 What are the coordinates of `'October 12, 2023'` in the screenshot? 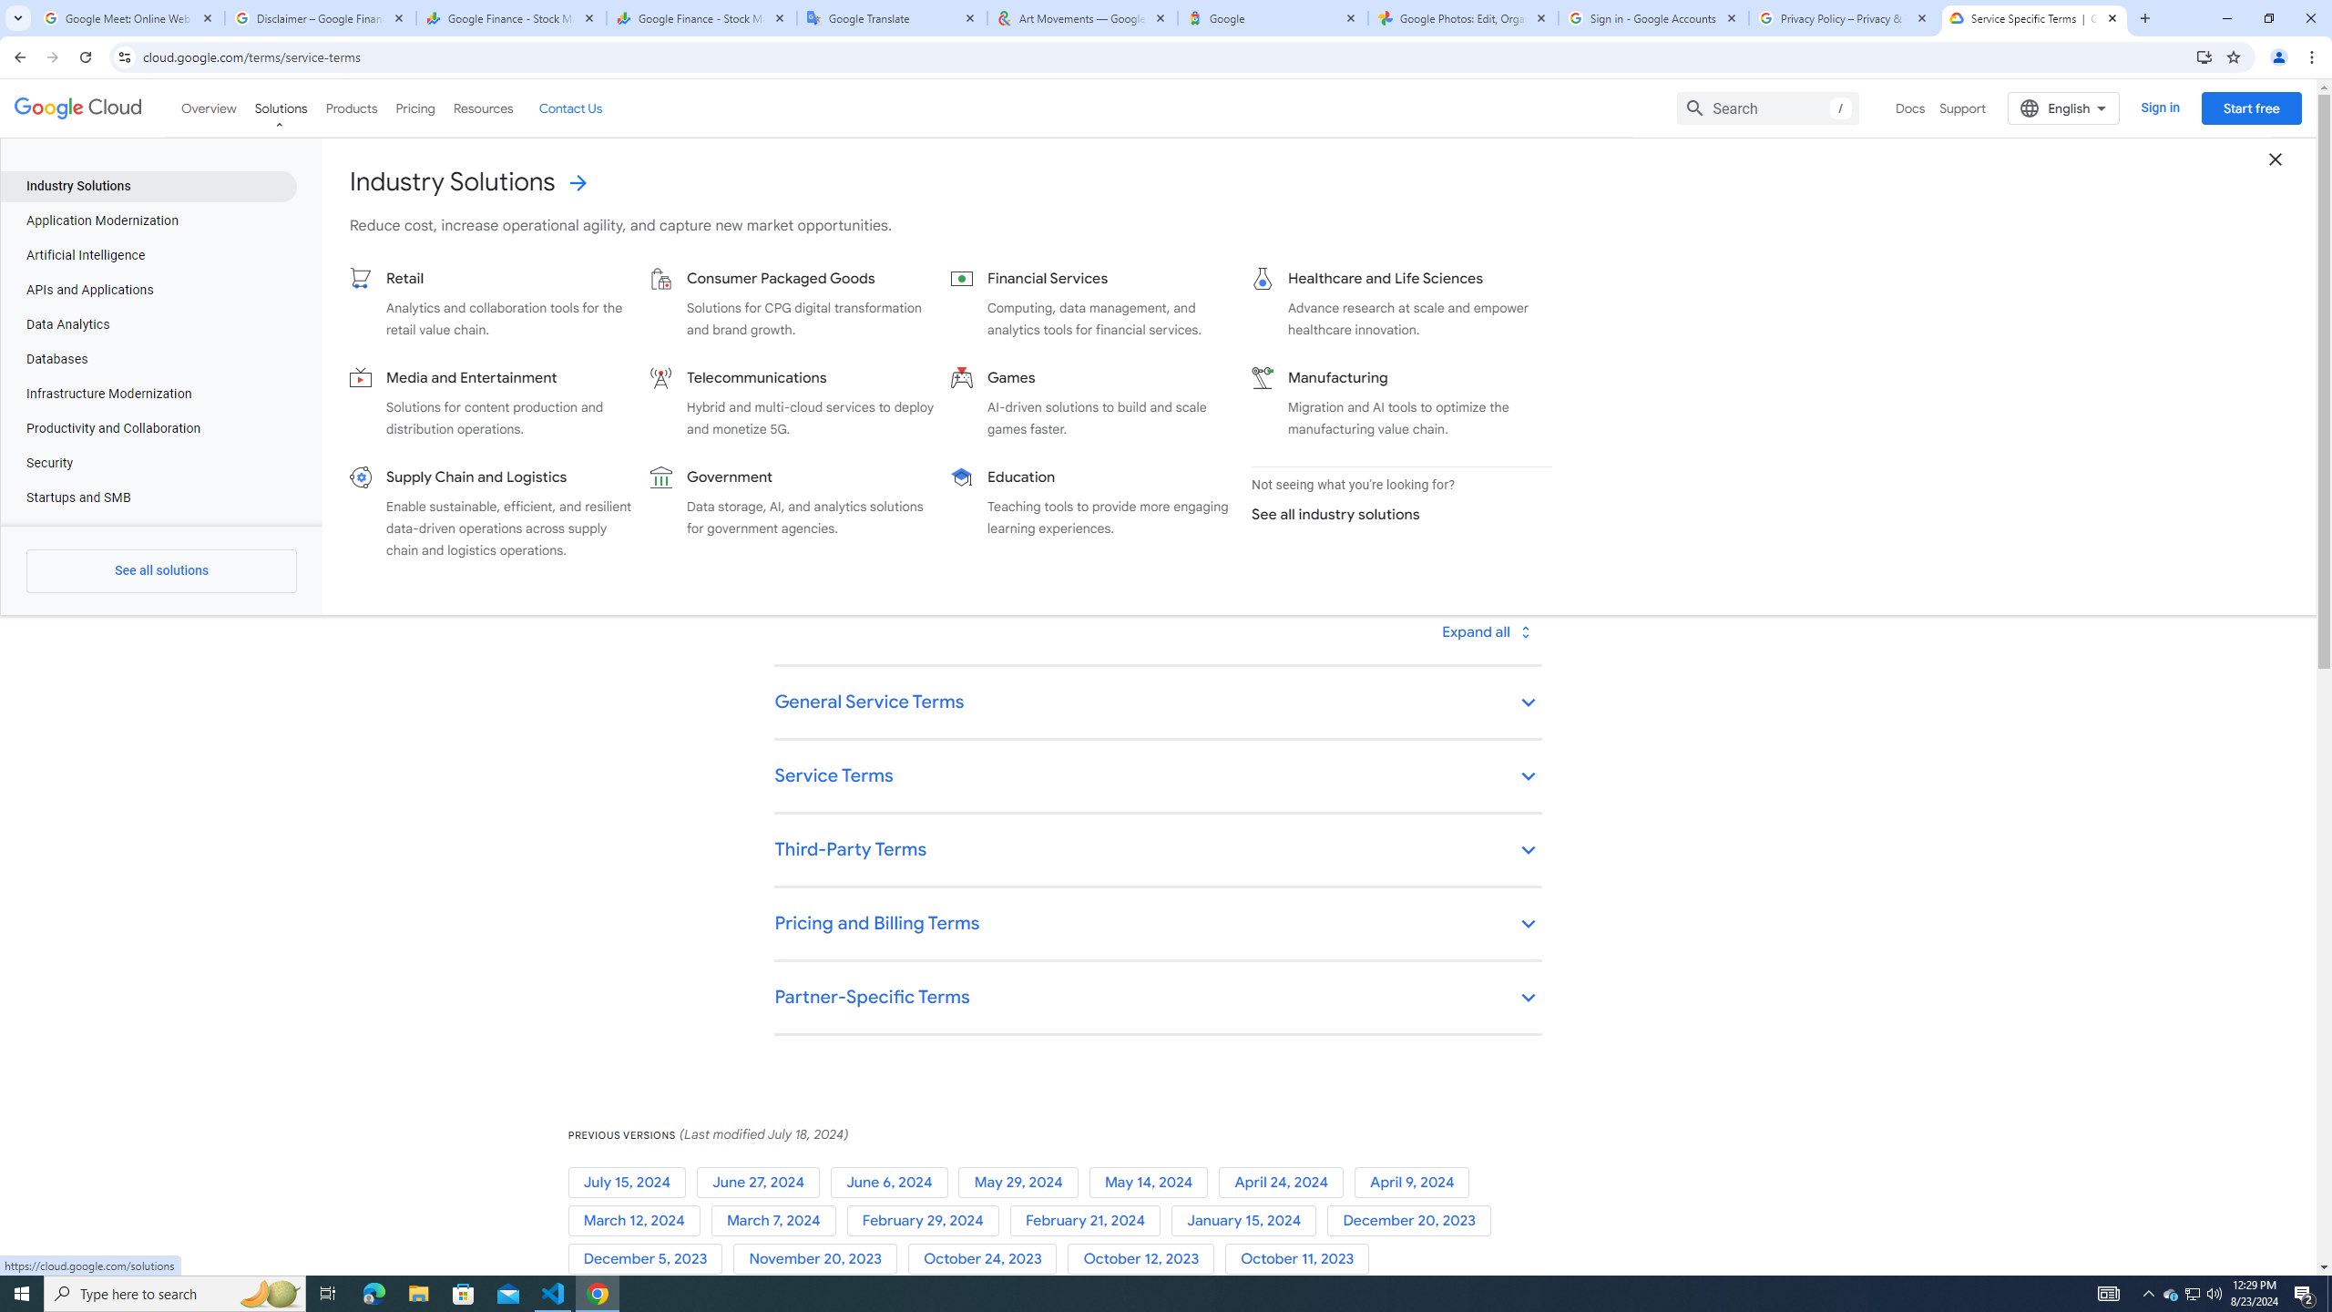 It's located at (1145, 1259).